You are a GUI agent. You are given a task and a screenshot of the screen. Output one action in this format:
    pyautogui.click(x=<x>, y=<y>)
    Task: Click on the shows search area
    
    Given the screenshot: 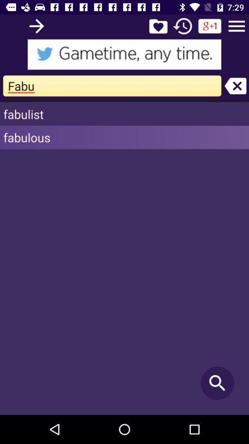 What is the action you would take?
    pyautogui.click(x=125, y=54)
    